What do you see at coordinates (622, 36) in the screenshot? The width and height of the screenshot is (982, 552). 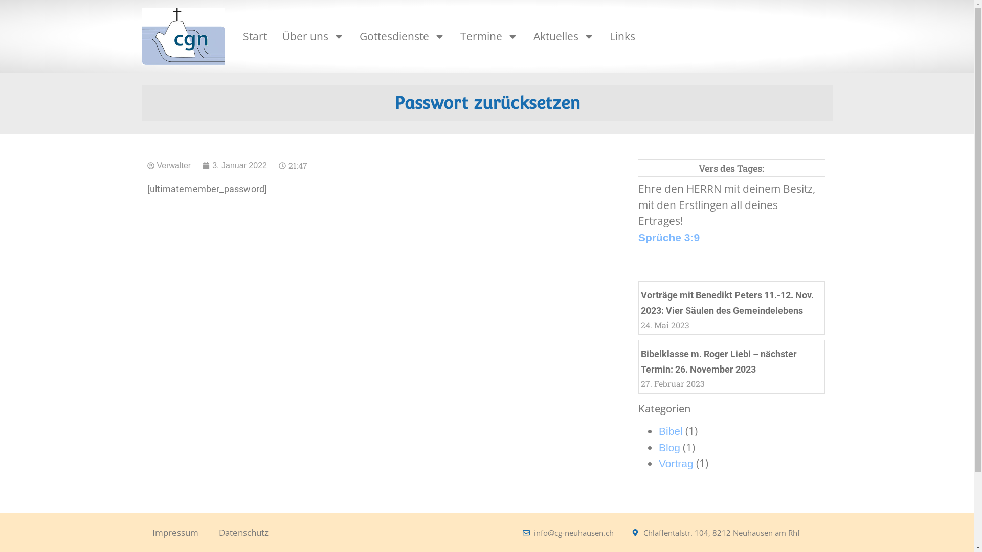 I see `'Links'` at bounding box center [622, 36].